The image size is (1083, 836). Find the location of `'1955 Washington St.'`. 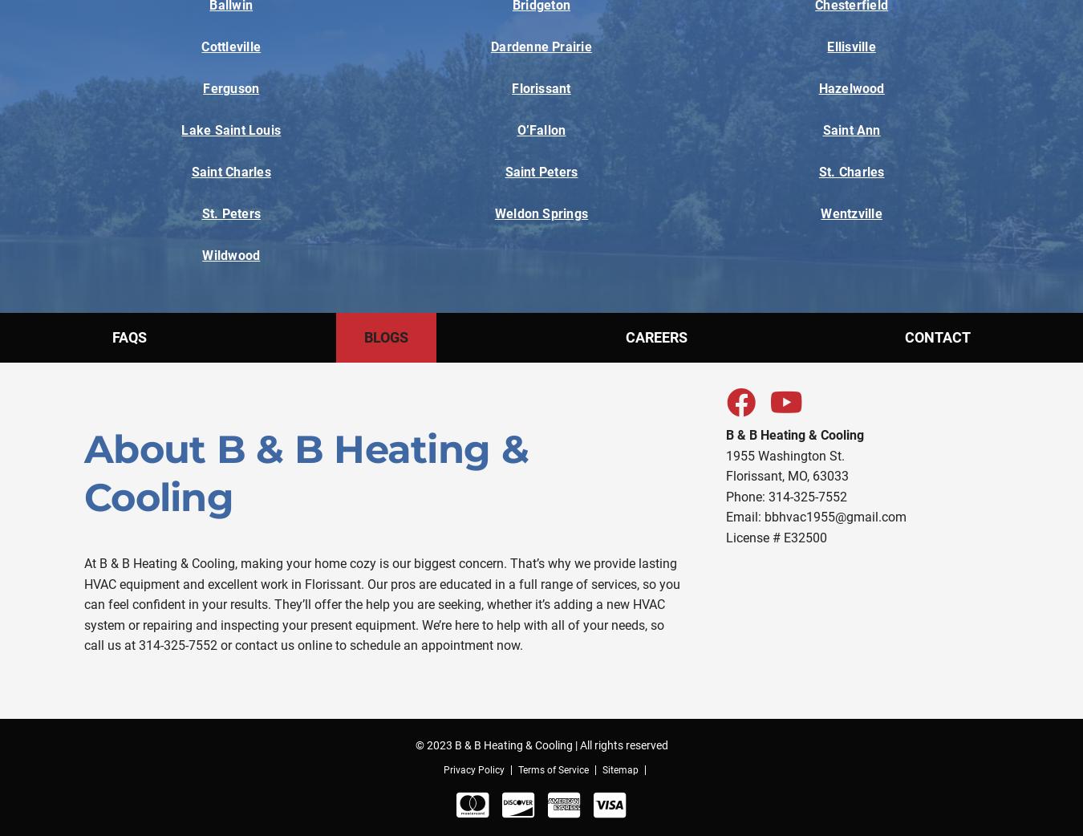

'1955 Washington St.' is located at coordinates (783, 454).